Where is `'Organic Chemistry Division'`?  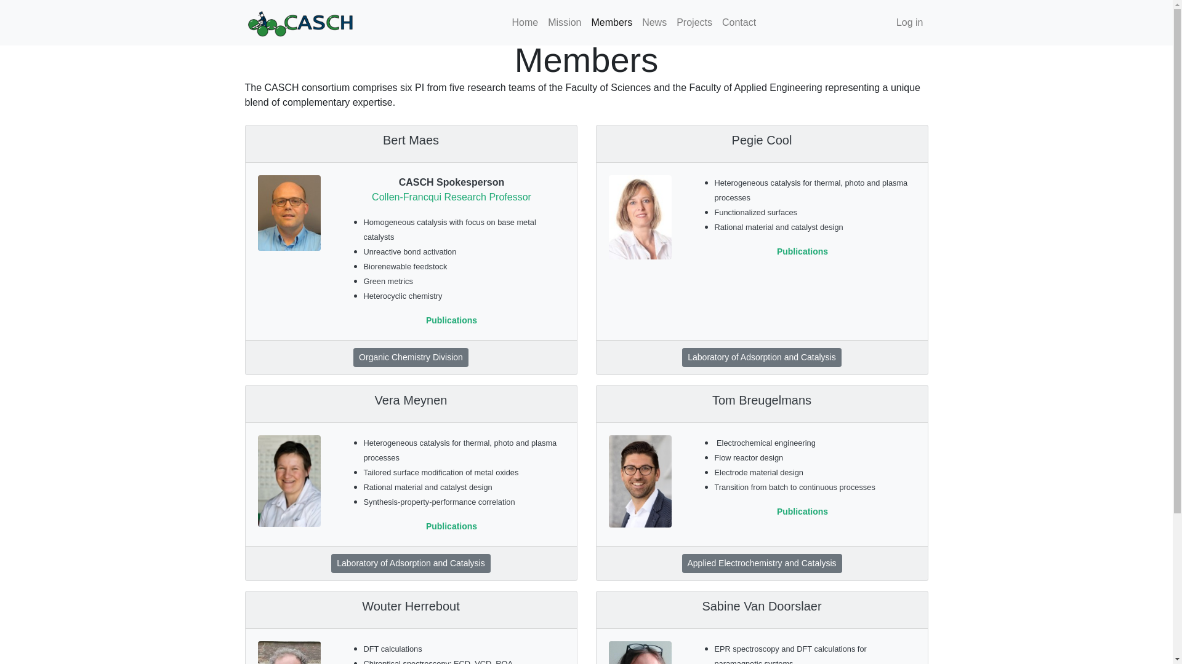
'Organic Chemistry Division' is located at coordinates (411, 357).